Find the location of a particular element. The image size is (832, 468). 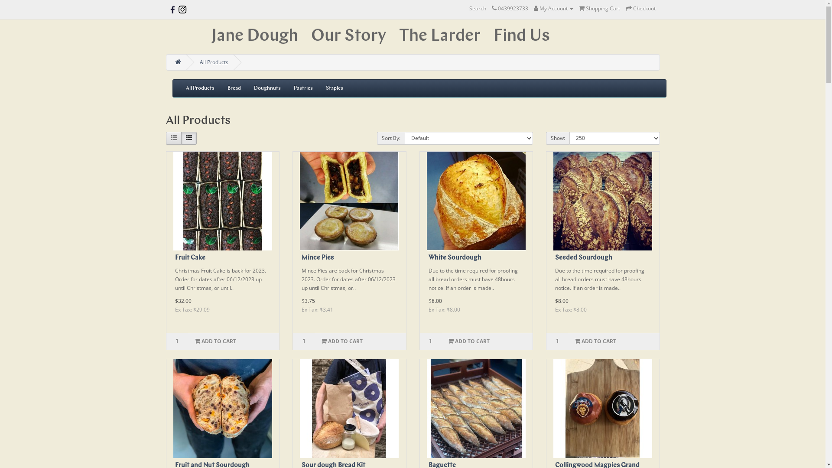

'Pastries' is located at coordinates (303, 88).